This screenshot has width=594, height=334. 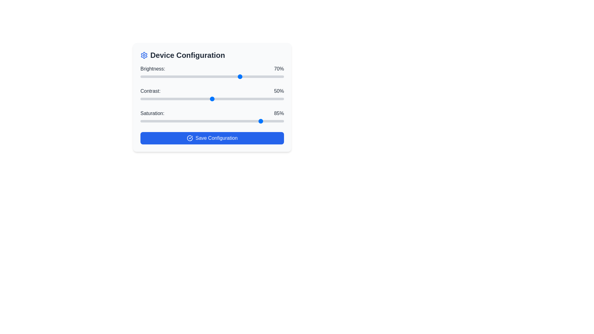 What do you see at coordinates (182, 76) in the screenshot?
I see `brightness` at bounding box center [182, 76].